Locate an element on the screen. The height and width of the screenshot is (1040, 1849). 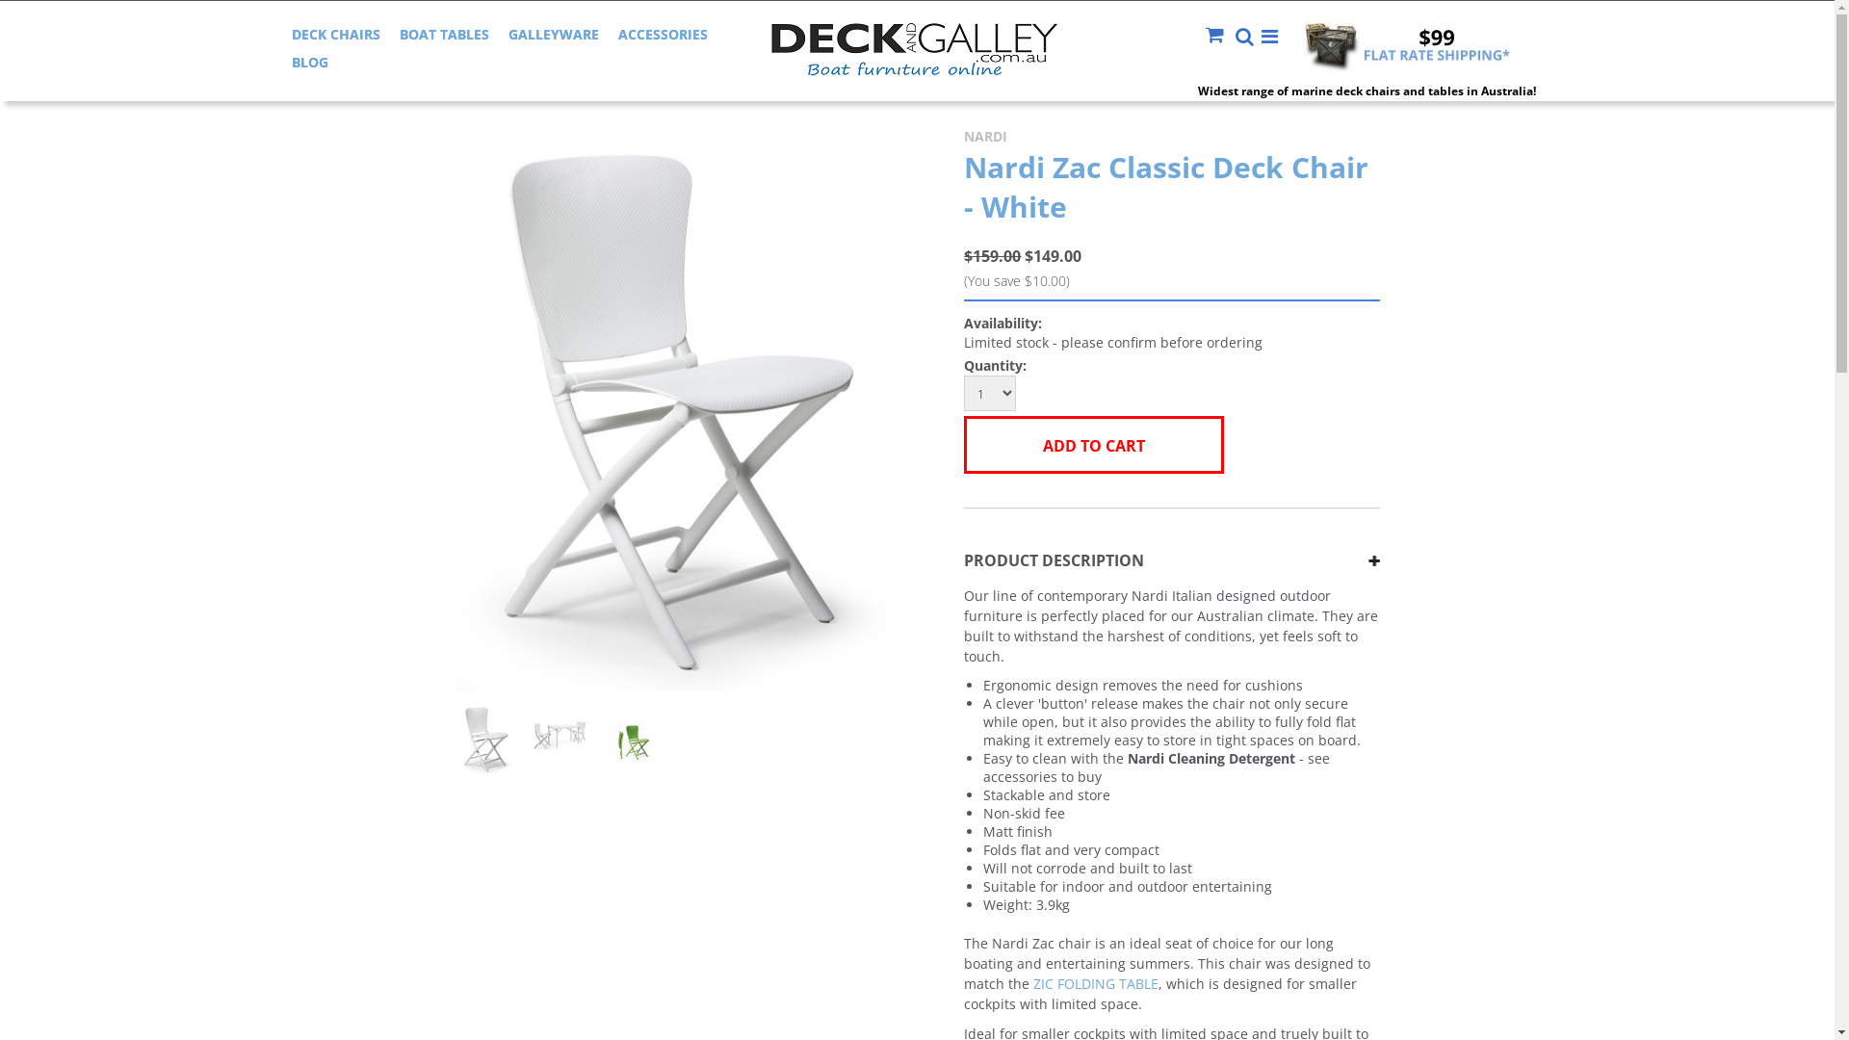
'View Cart' is located at coordinates (1218, 37).